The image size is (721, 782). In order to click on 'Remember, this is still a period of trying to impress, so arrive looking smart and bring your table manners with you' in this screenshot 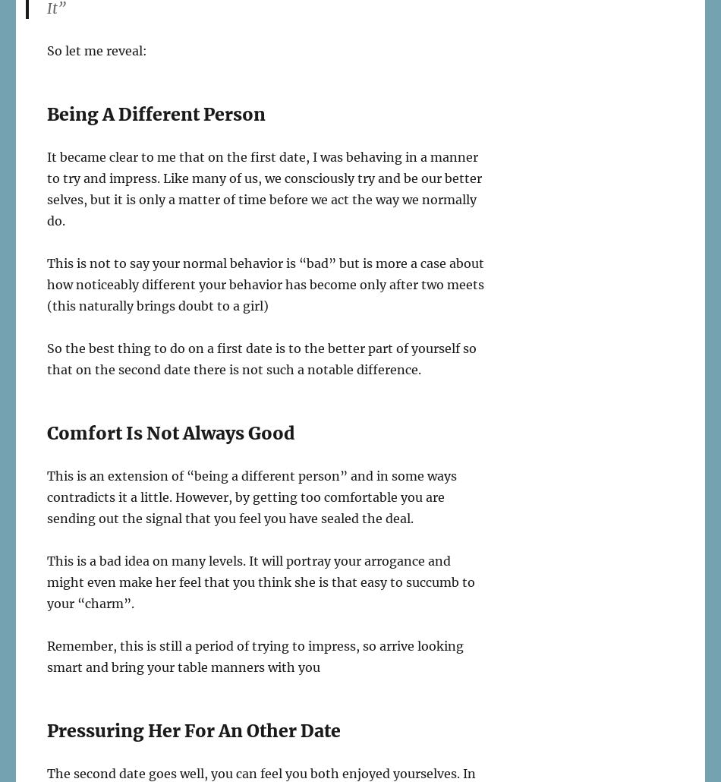, I will do `click(254, 656)`.